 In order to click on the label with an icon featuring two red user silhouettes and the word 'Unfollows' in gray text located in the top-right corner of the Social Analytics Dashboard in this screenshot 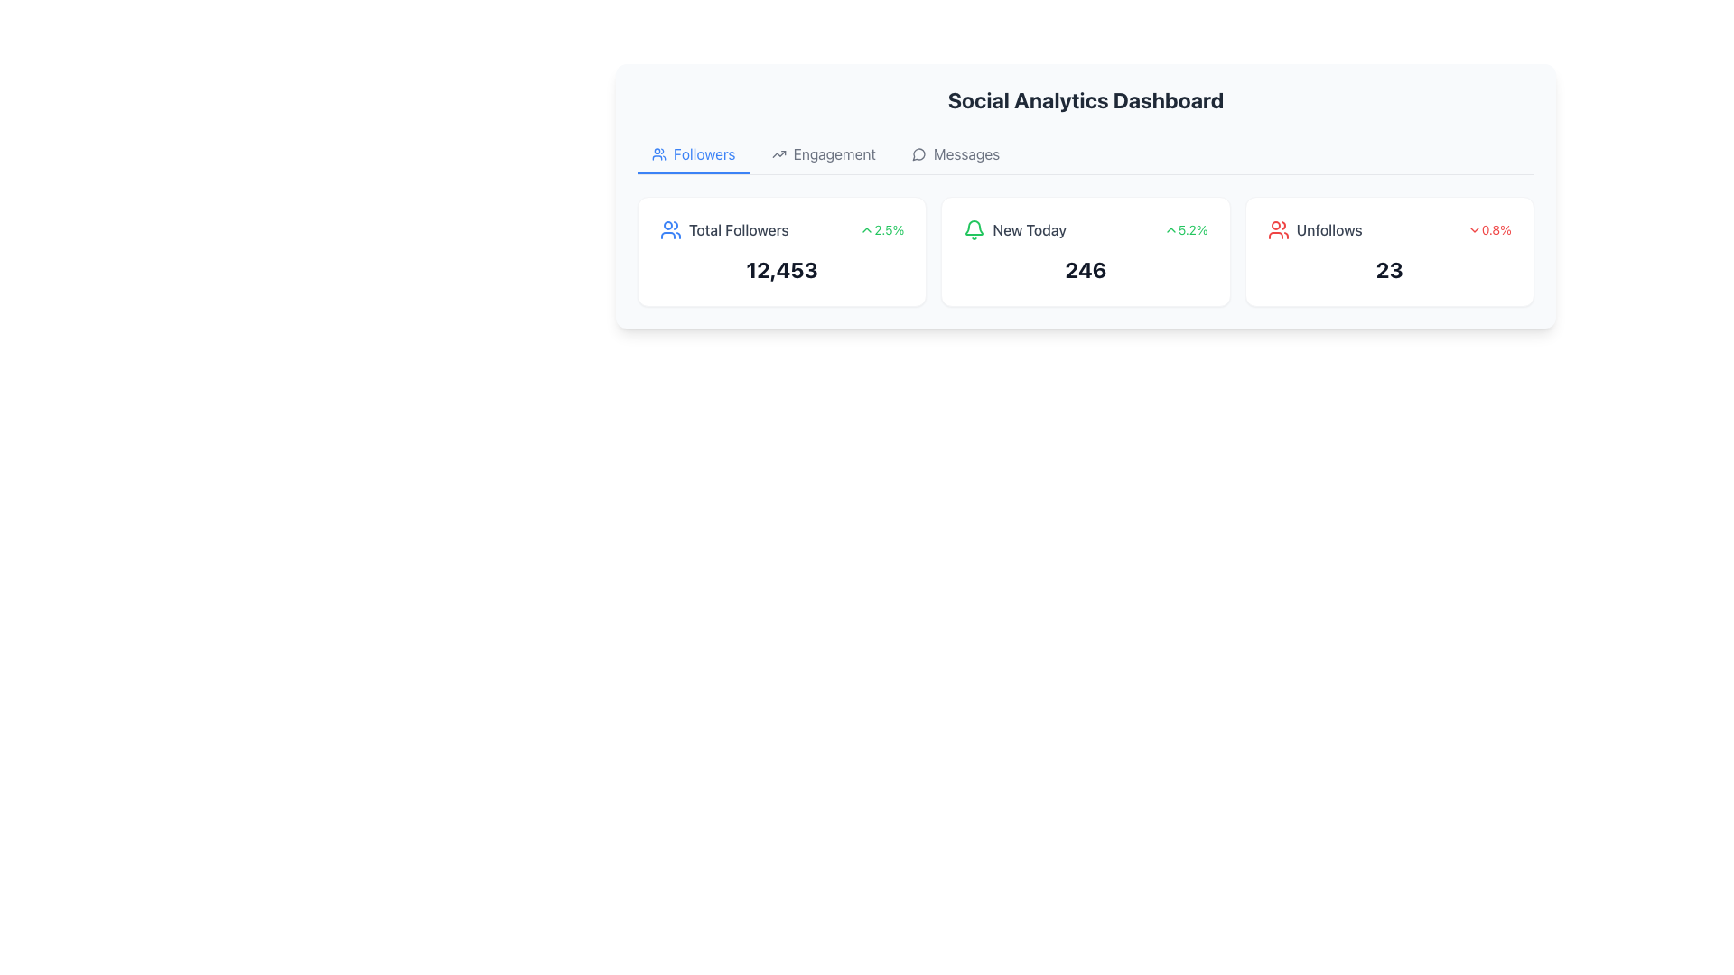, I will do `click(1315, 228)`.